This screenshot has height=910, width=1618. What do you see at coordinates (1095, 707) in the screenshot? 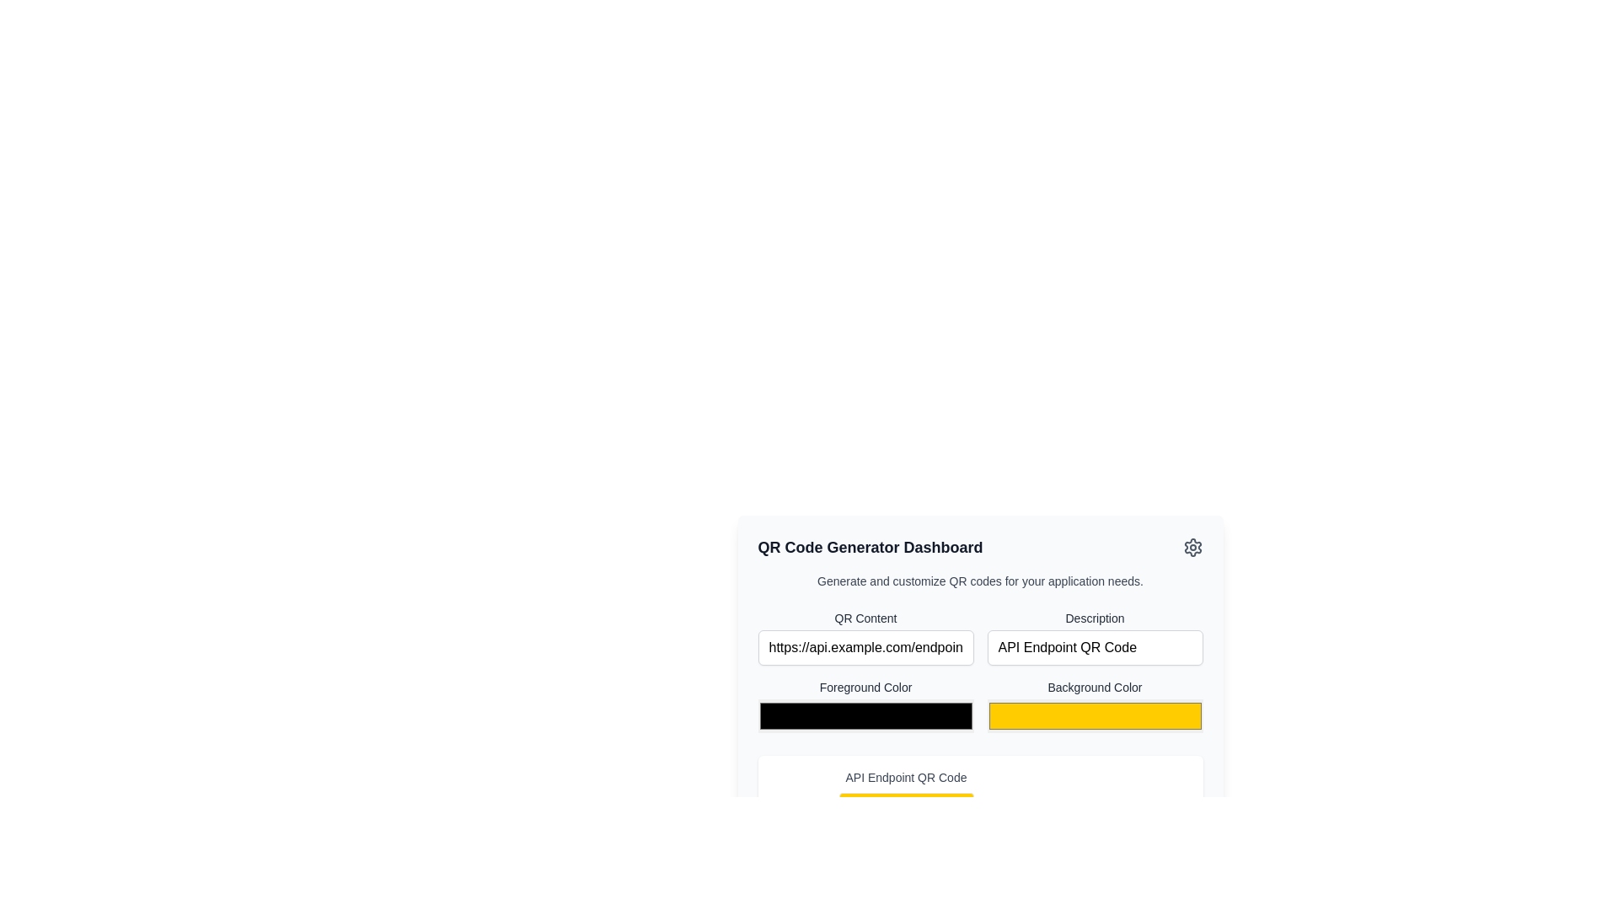
I see `the bright yellow color box of the Color picker component located` at bounding box center [1095, 707].